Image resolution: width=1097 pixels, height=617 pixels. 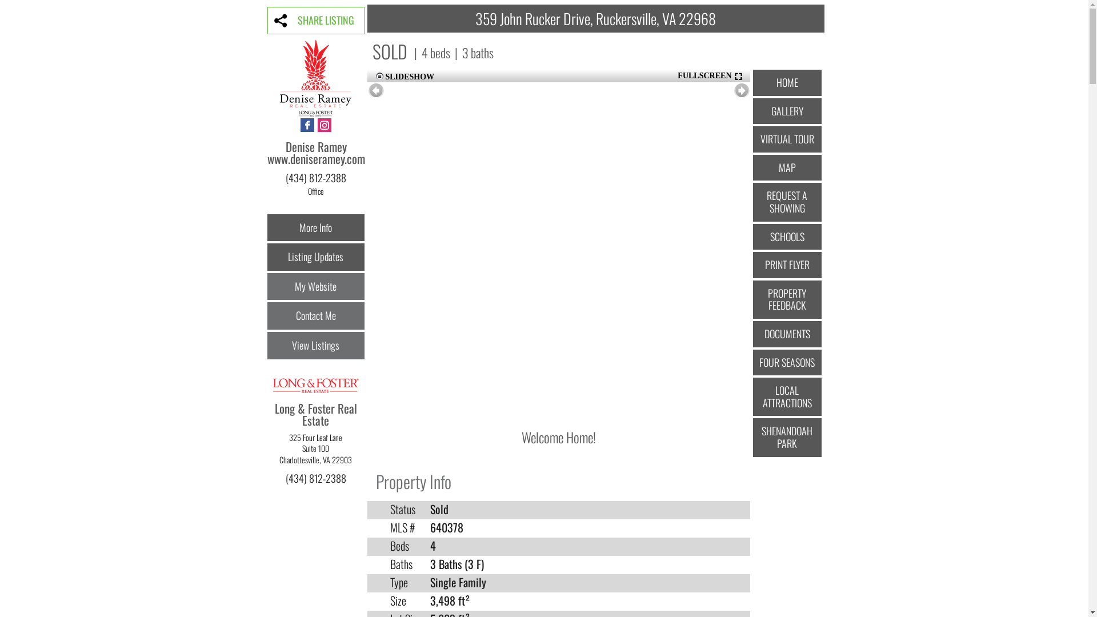 What do you see at coordinates (753, 437) in the screenshot?
I see `'SHENANDOAH PARK'` at bounding box center [753, 437].